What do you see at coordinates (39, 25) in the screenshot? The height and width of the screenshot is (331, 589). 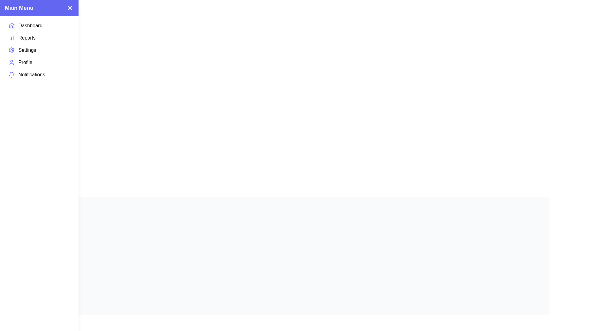 I see `the 'Dashboard' menu item in the sidebar navigation` at bounding box center [39, 25].